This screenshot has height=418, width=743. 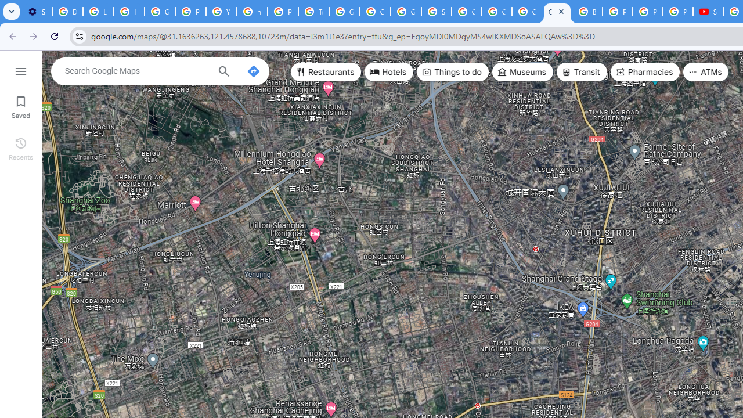 What do you see at coordinates (436, 12) in the screenshot?
I see `'Sign in - Google Accounts'` at bounding box center [436, 12].